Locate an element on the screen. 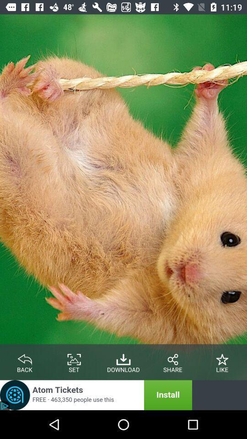 The height and width of the screenshot is (439, 247). open advertisement is located at coordinates (96, 395).